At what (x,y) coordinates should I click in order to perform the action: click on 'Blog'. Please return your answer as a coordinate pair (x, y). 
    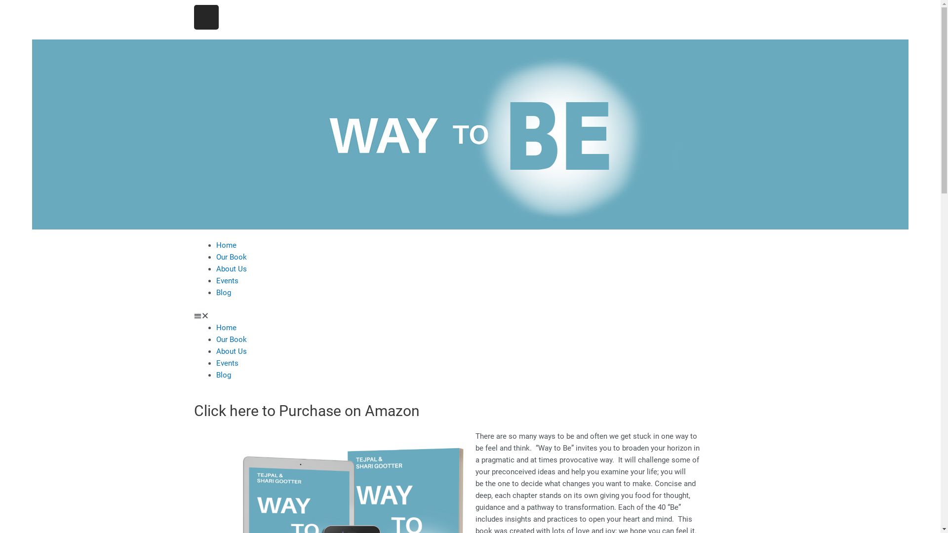
    Looking at the image, I should click on (215, 375).